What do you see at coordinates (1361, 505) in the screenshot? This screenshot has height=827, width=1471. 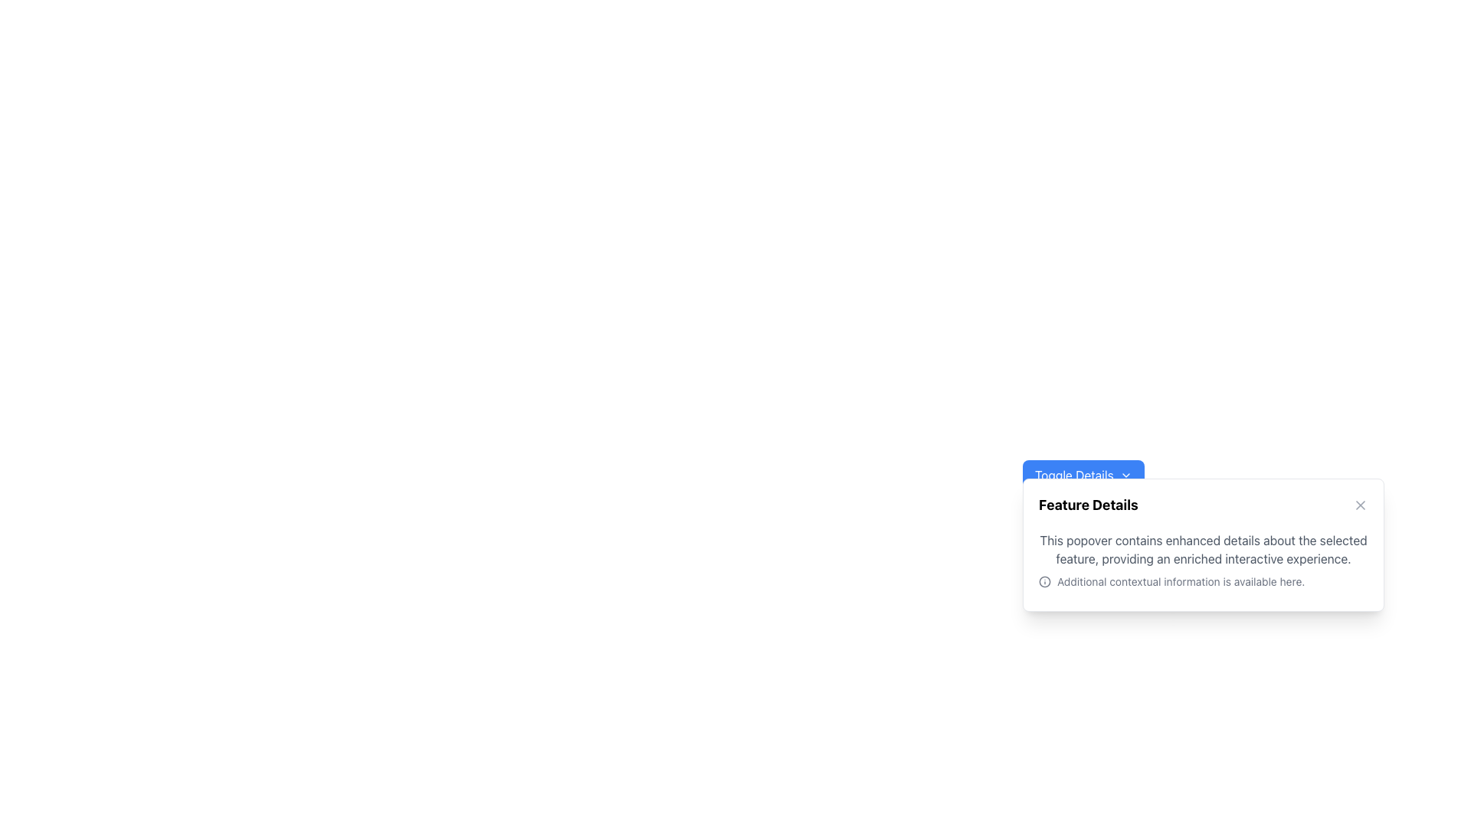 I see `the 'X' icon in the top-right corner of the 'Feature Details' popover` at bounding box center [1361, 505].